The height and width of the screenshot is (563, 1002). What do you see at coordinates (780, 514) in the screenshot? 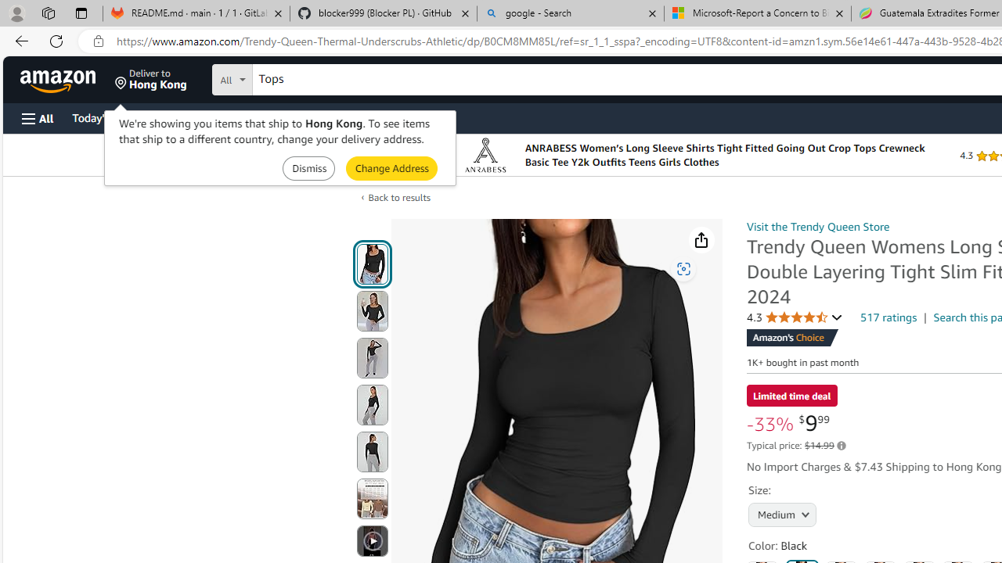
I see `'AutomationID: native_dropdown_selected_size_name'` at bounding box center [780, 514].